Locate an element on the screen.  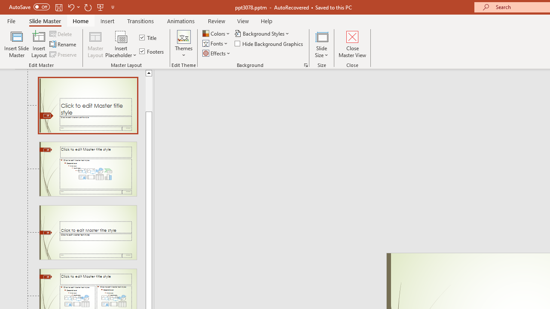
'Preserve' is located at coordinates (64, 55).